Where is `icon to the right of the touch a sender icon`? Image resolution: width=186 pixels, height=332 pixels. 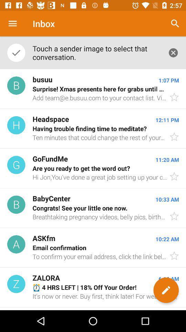
icon to the right of the touch a sender icon is located at coordinates (175, 24).